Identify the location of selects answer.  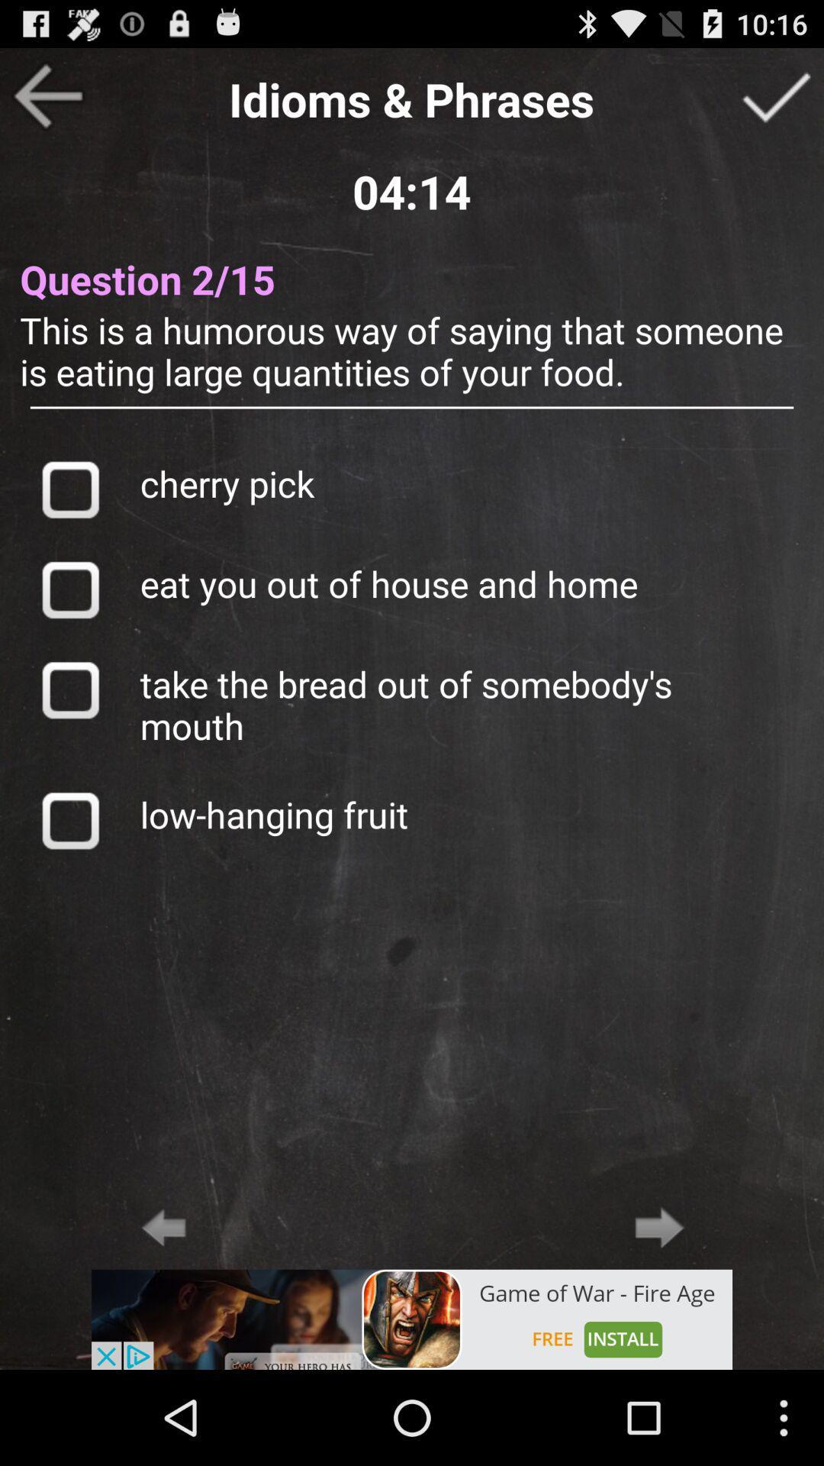
(69, 489).